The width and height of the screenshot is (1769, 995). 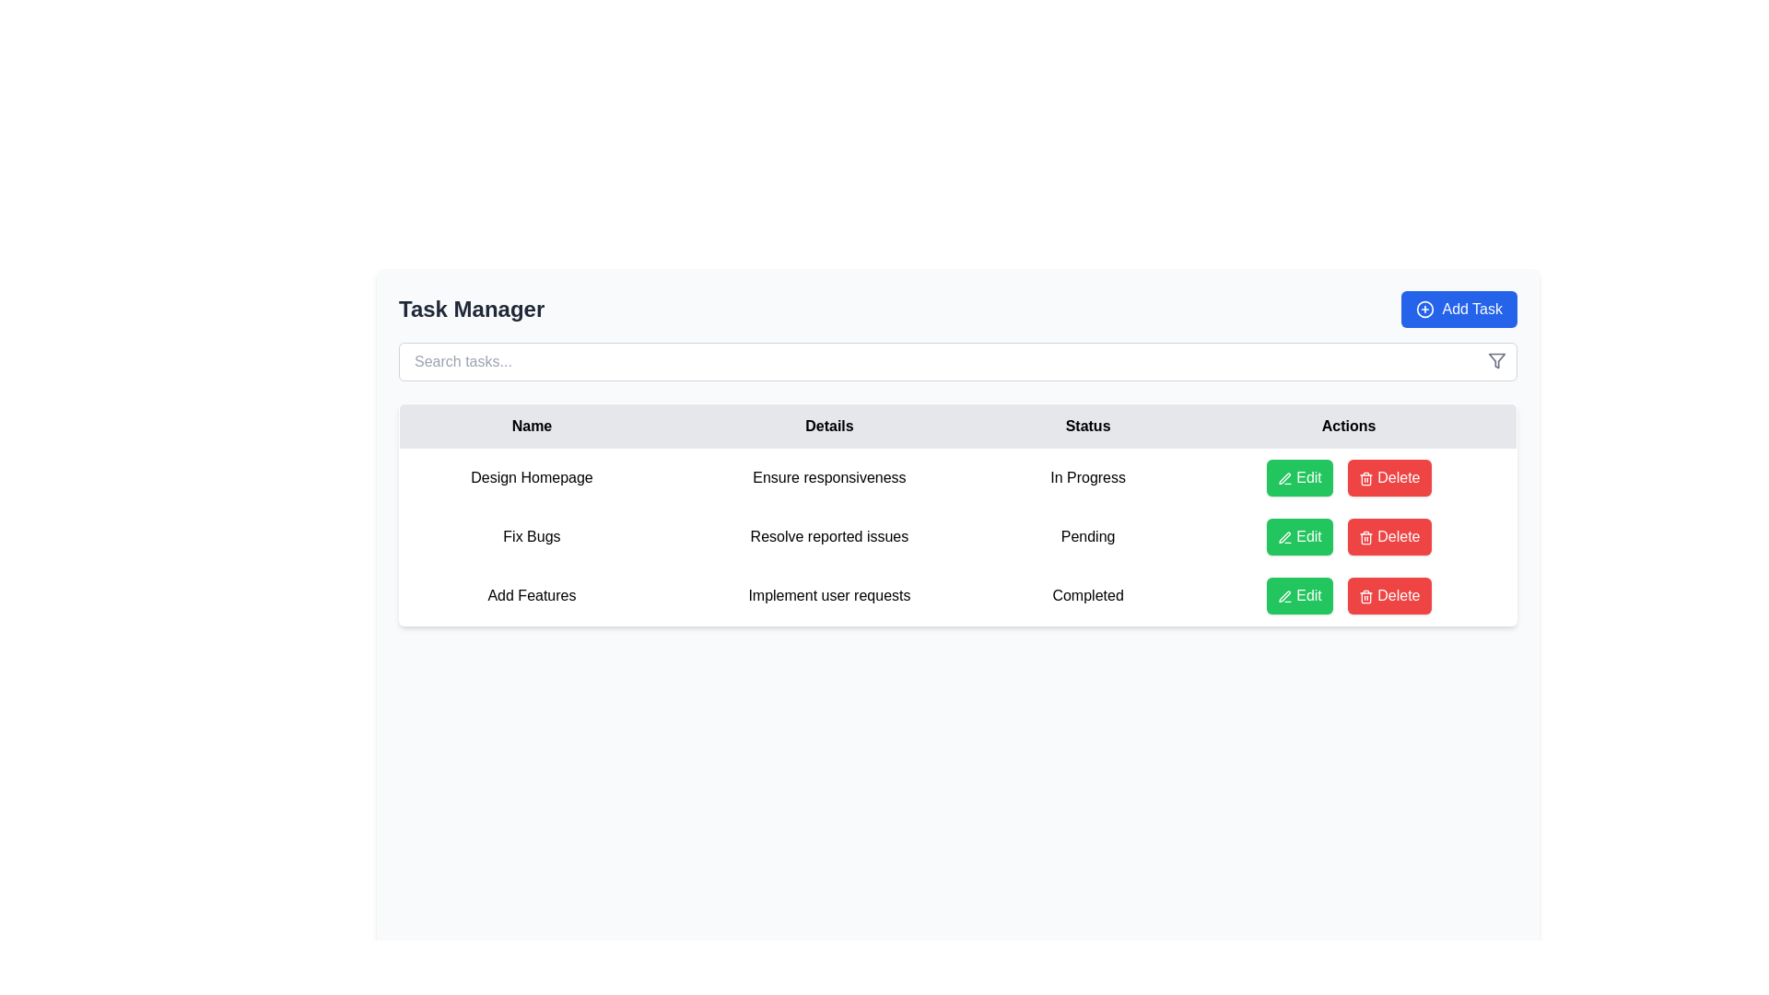 I want to click on the 'In Progress' text label in the status column of the first row of the table, so click(x=1088, y=477).